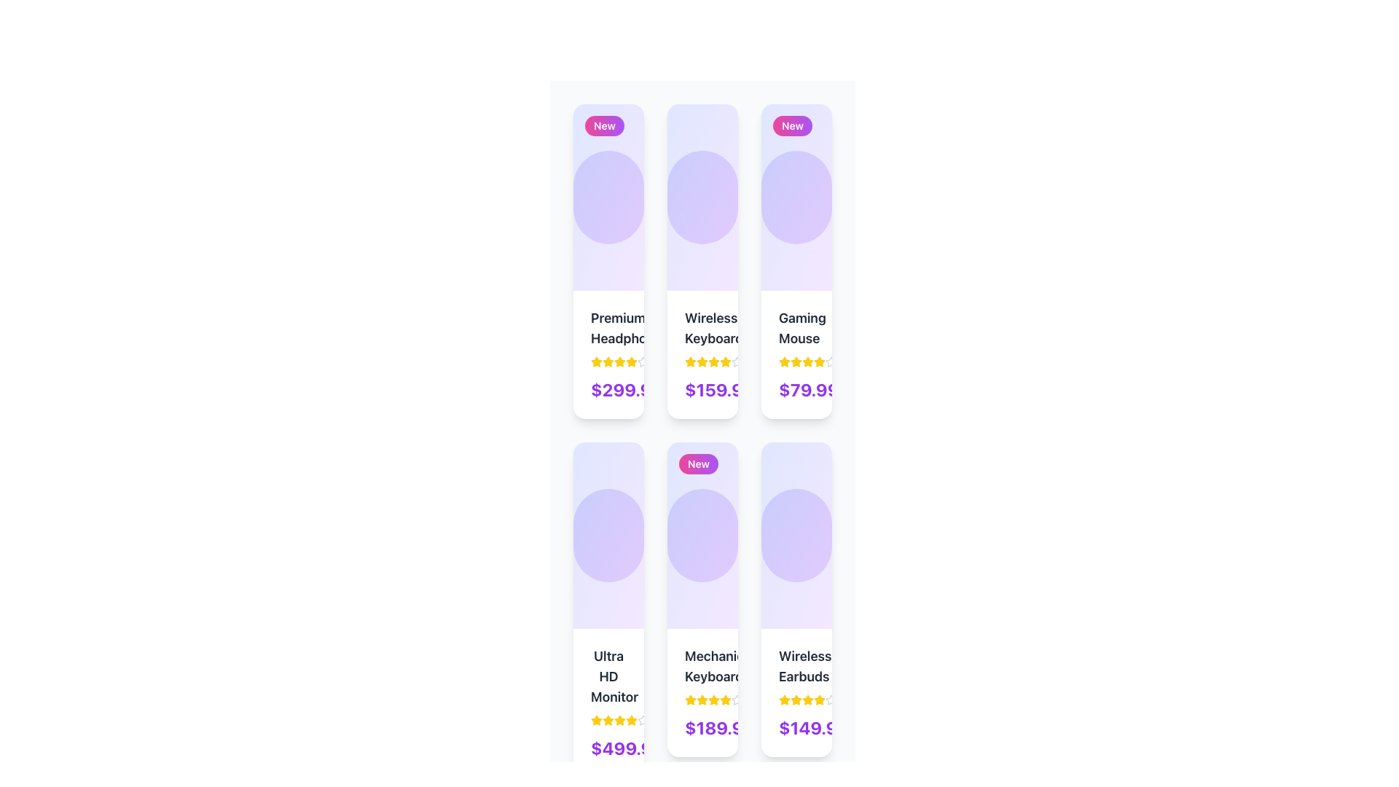 This screenshot has width=1399, height=787. I want to click on the rating component below the product name 'Premium Headphones' and above the price label '$299.99' to interact with it, so click(608, 361).